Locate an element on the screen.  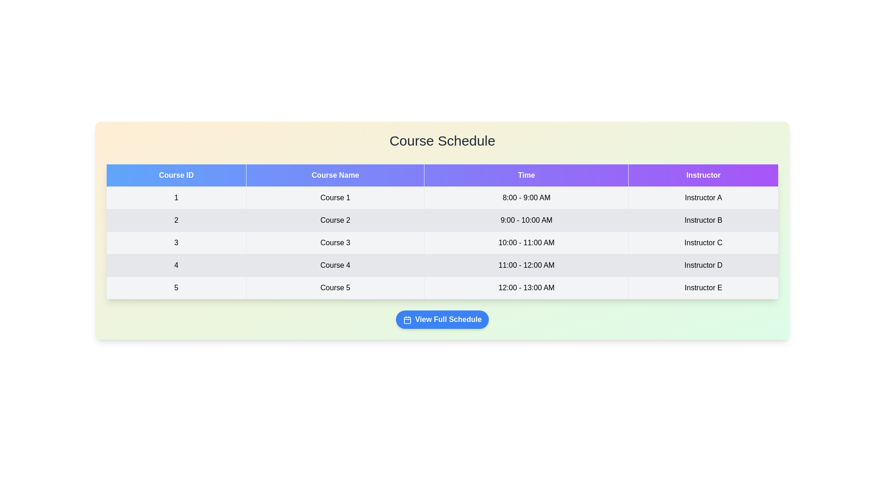
the row corresponding to 4 is located at coordinates (442, 265).